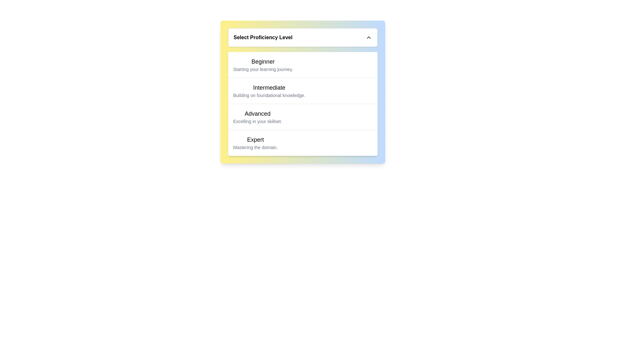  What do you see at coordinates (302, 91) in the screenshot?
I see `the second option in the 'Select Proficiency Level' dropdown menu, which indicates an intermediate proficiency level, located between 'Beginner' and 'Advanced'` at bounding box center [302, 91].